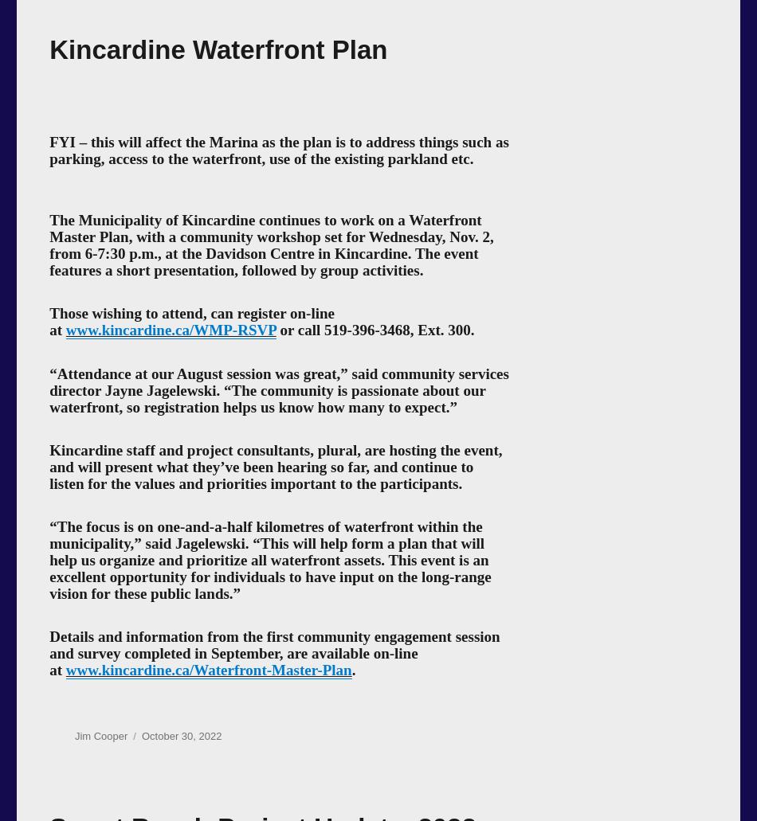 This screenshot has width=757, height=821. Describe the element at coordinates (274, 465) in the screenshot. I see `'Kincardine staff and project consultants, plural, are hosting the event, and will present what they’ve been hearing so far, and continue to listen for the values and priorities important to the participants.'` at that location.